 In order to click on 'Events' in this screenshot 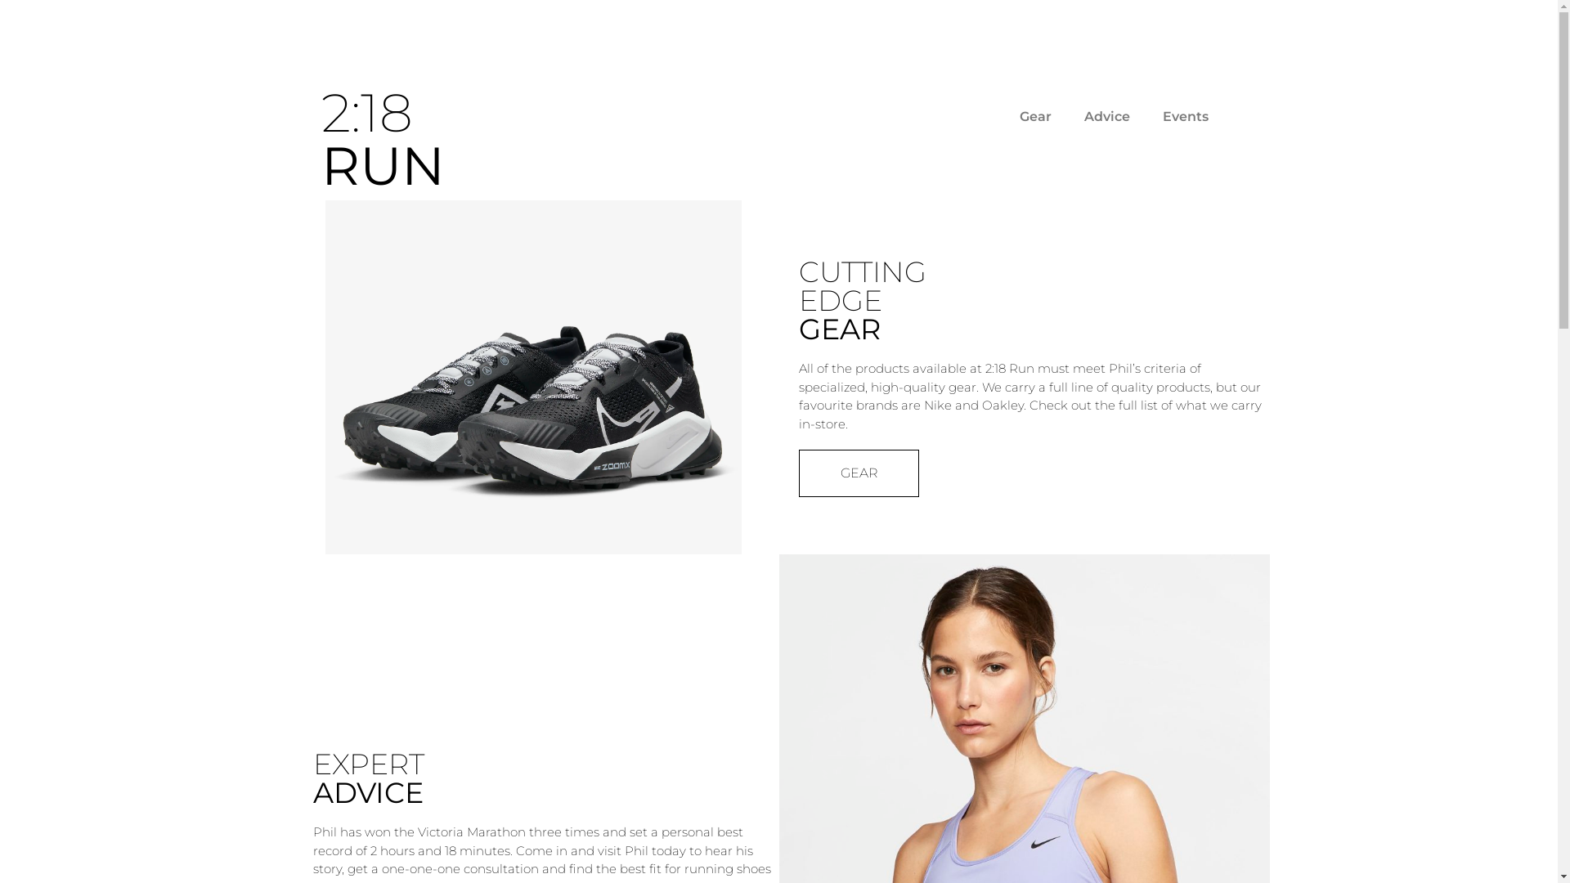, I will do `click(1145, 115)`.